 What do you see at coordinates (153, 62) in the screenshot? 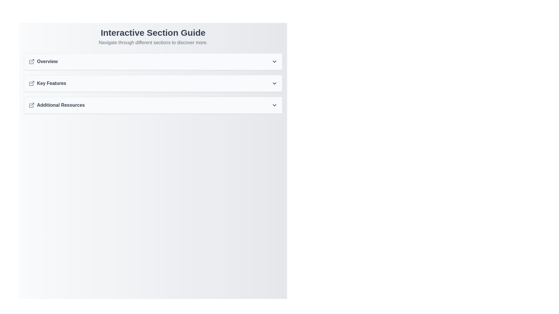
I see `the first navigation list item labeled 'Overview'` at bounding box center [153, 62].